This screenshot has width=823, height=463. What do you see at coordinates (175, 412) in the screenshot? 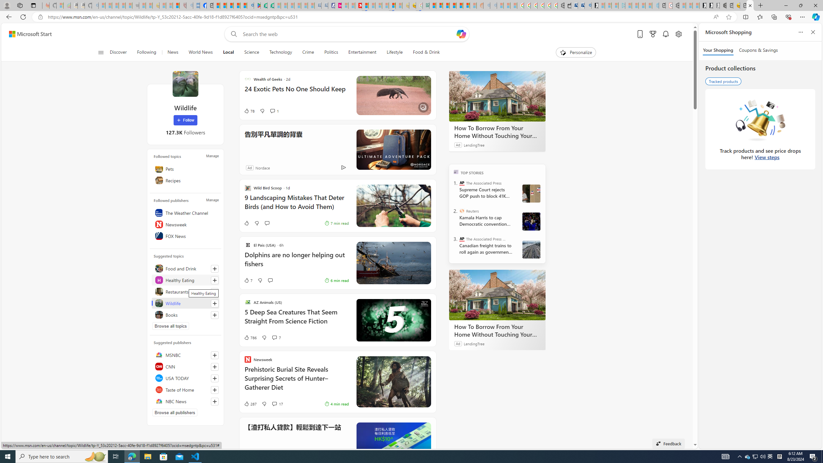
I see `'Browse all publishers'` at bounding box center [175, 412].